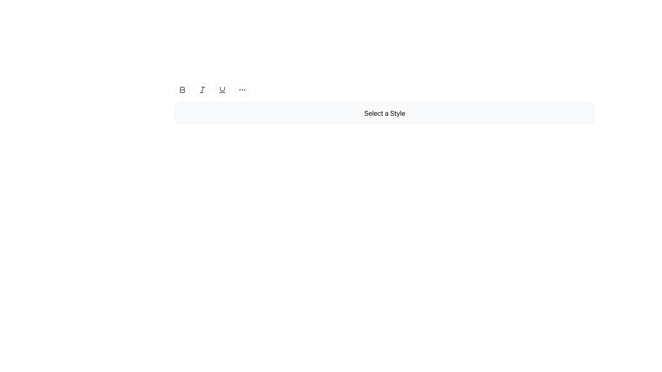 This screenshot has height=372, width=662. What do you see at coordinates (222, 90) in the screenshot?
I see `the underline formatting button, which is located third in the button group between the italic style button and the ellipsis menu button, to activate its hover effect` at bounding box center [222, 90].